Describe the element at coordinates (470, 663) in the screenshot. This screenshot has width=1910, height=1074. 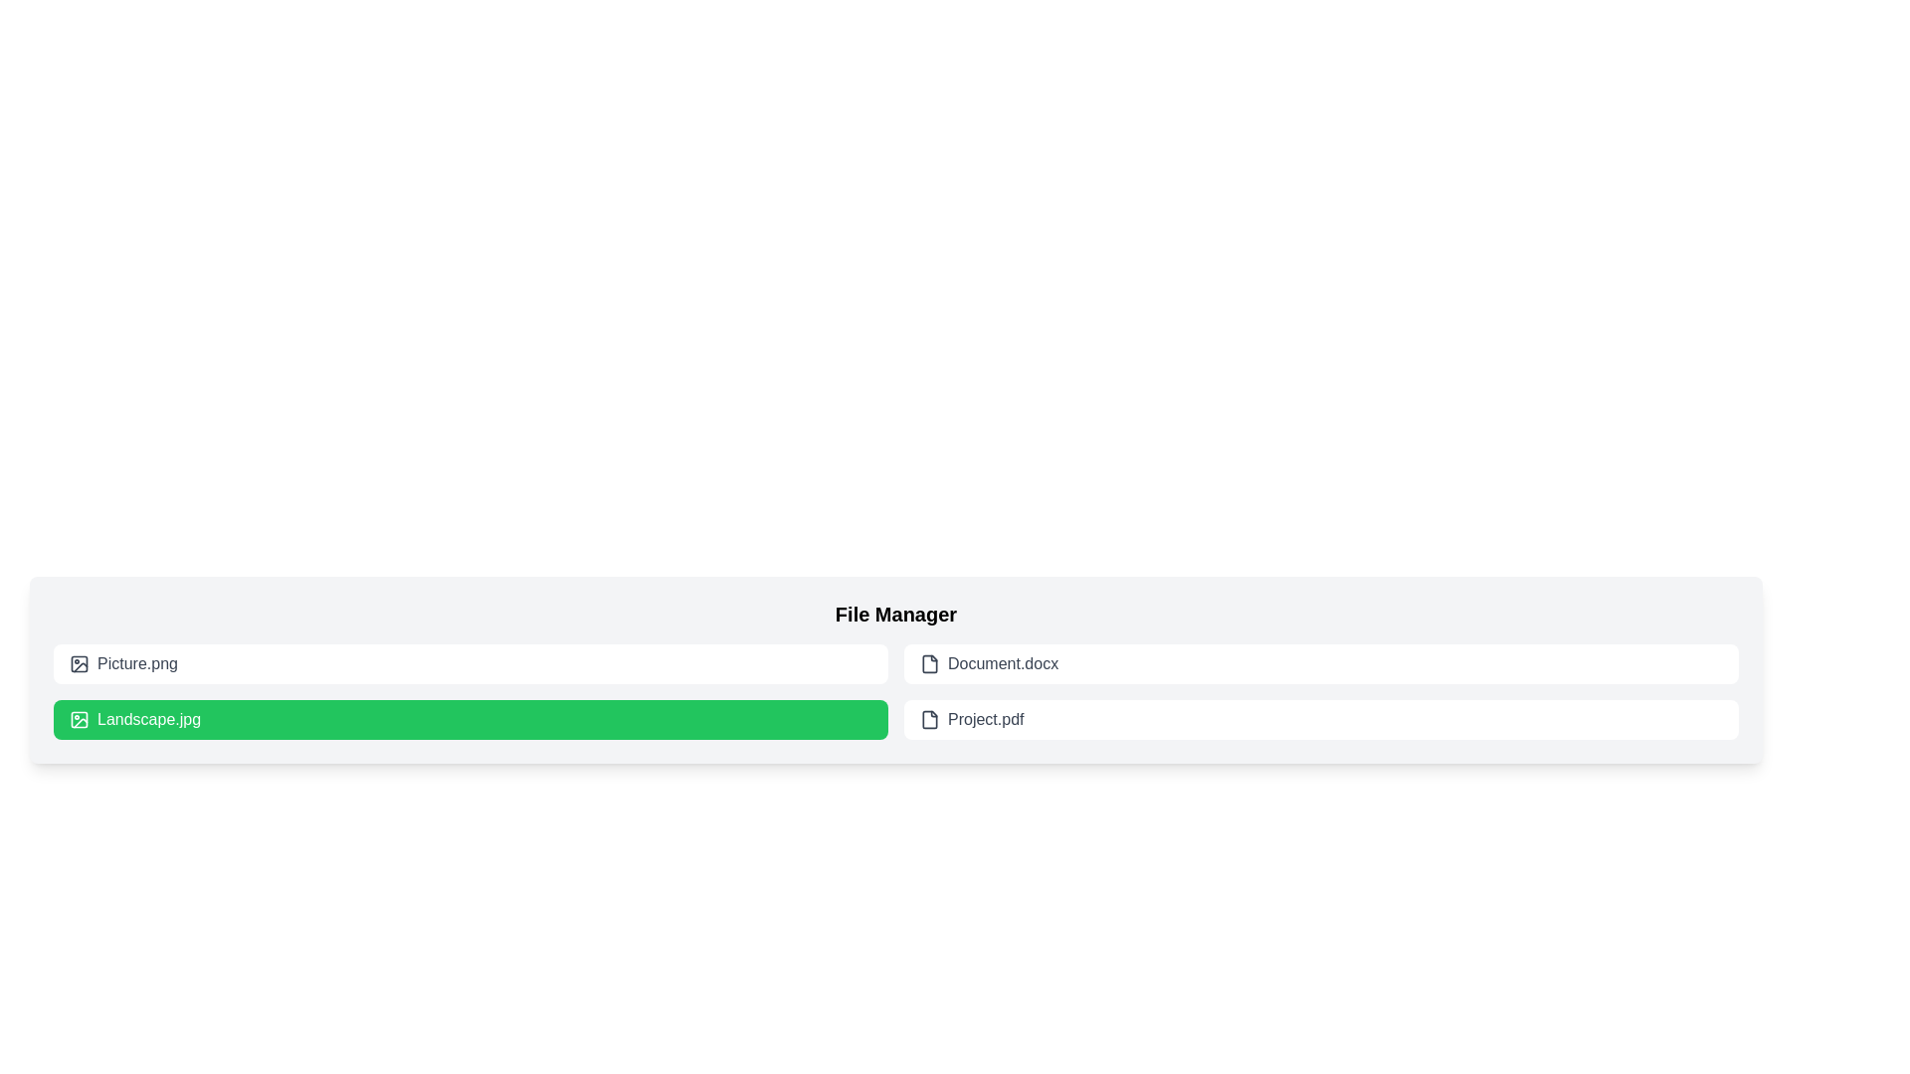
I see `the file item labeled Picture.png` at that location.